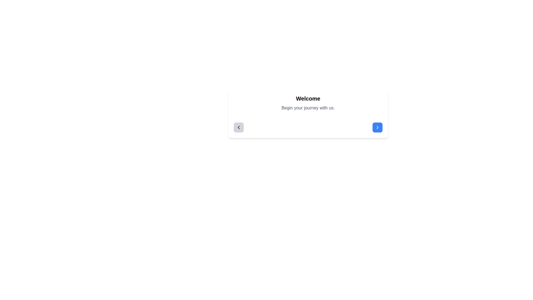 The width and height of the screenshot is (533, 300). I want to click on the leftmost rounded rectangular button with a gray background and a black left-pointing chevron icon, so click(238, 127).